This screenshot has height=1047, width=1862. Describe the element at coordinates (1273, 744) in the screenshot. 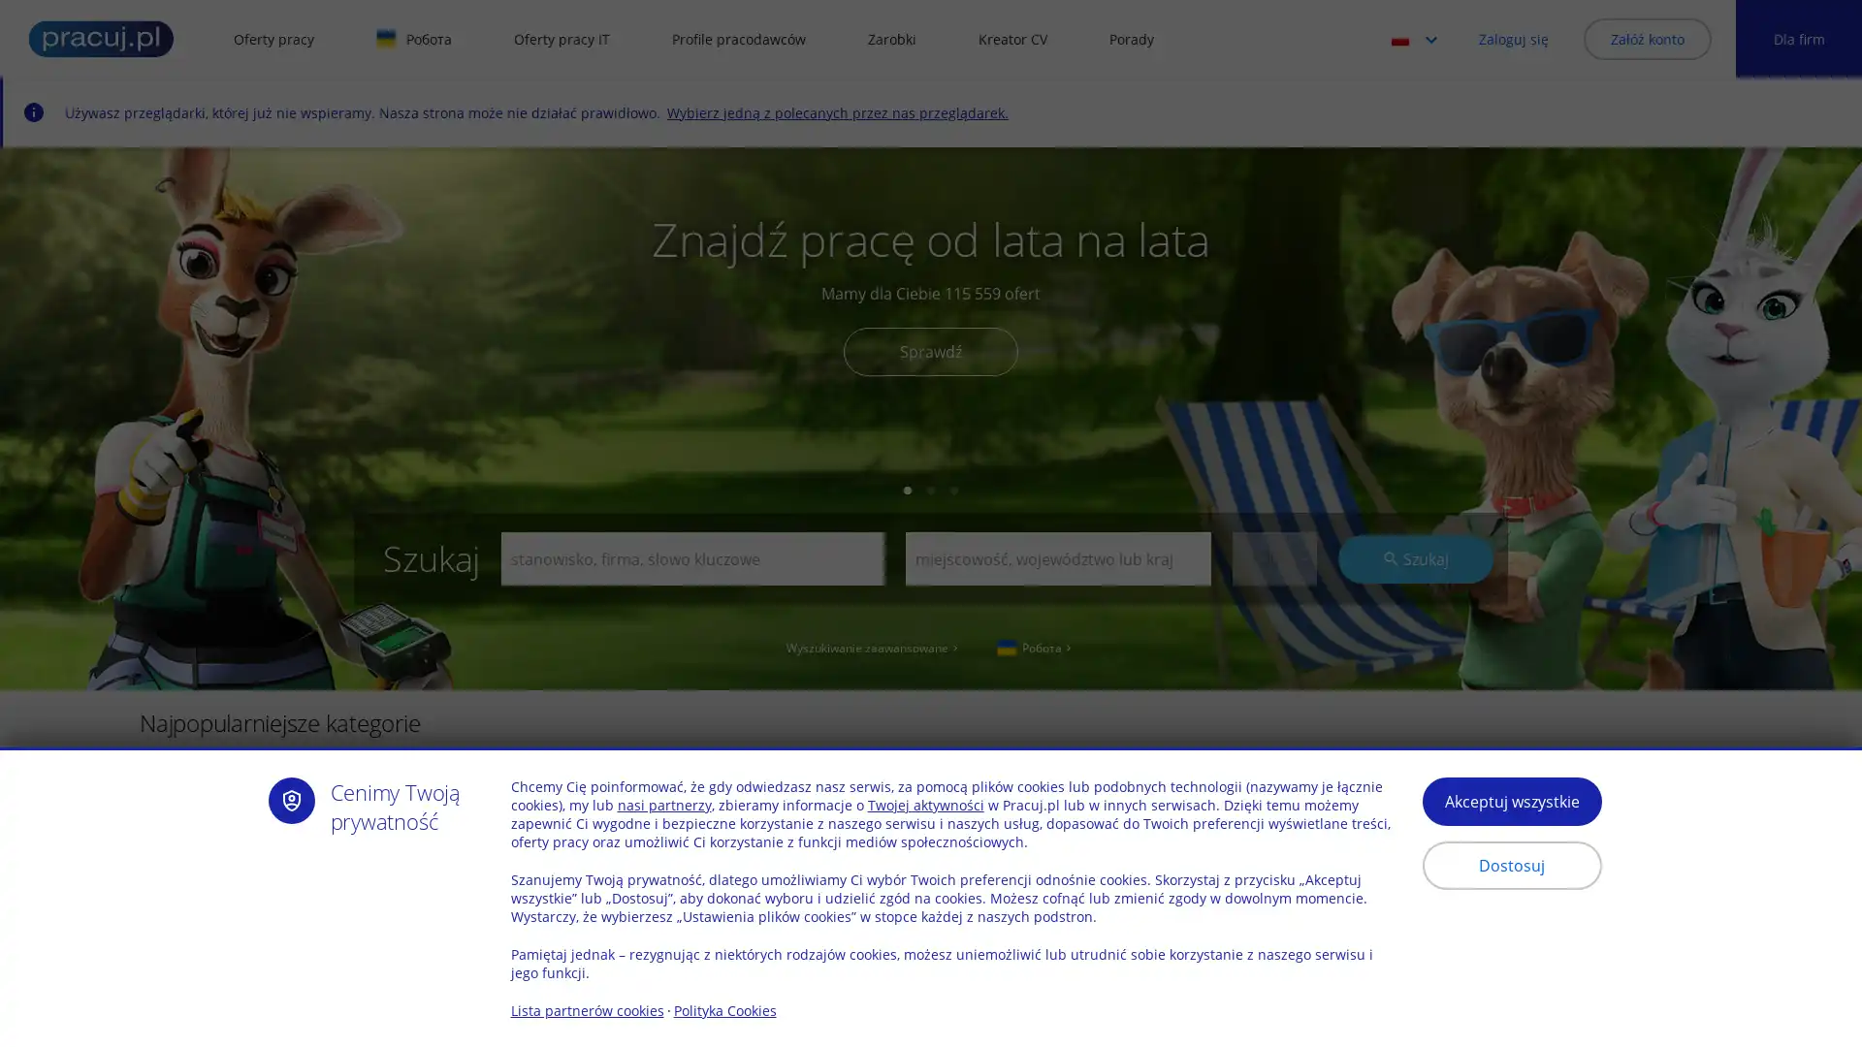

I see `+ 25 km` at that location.